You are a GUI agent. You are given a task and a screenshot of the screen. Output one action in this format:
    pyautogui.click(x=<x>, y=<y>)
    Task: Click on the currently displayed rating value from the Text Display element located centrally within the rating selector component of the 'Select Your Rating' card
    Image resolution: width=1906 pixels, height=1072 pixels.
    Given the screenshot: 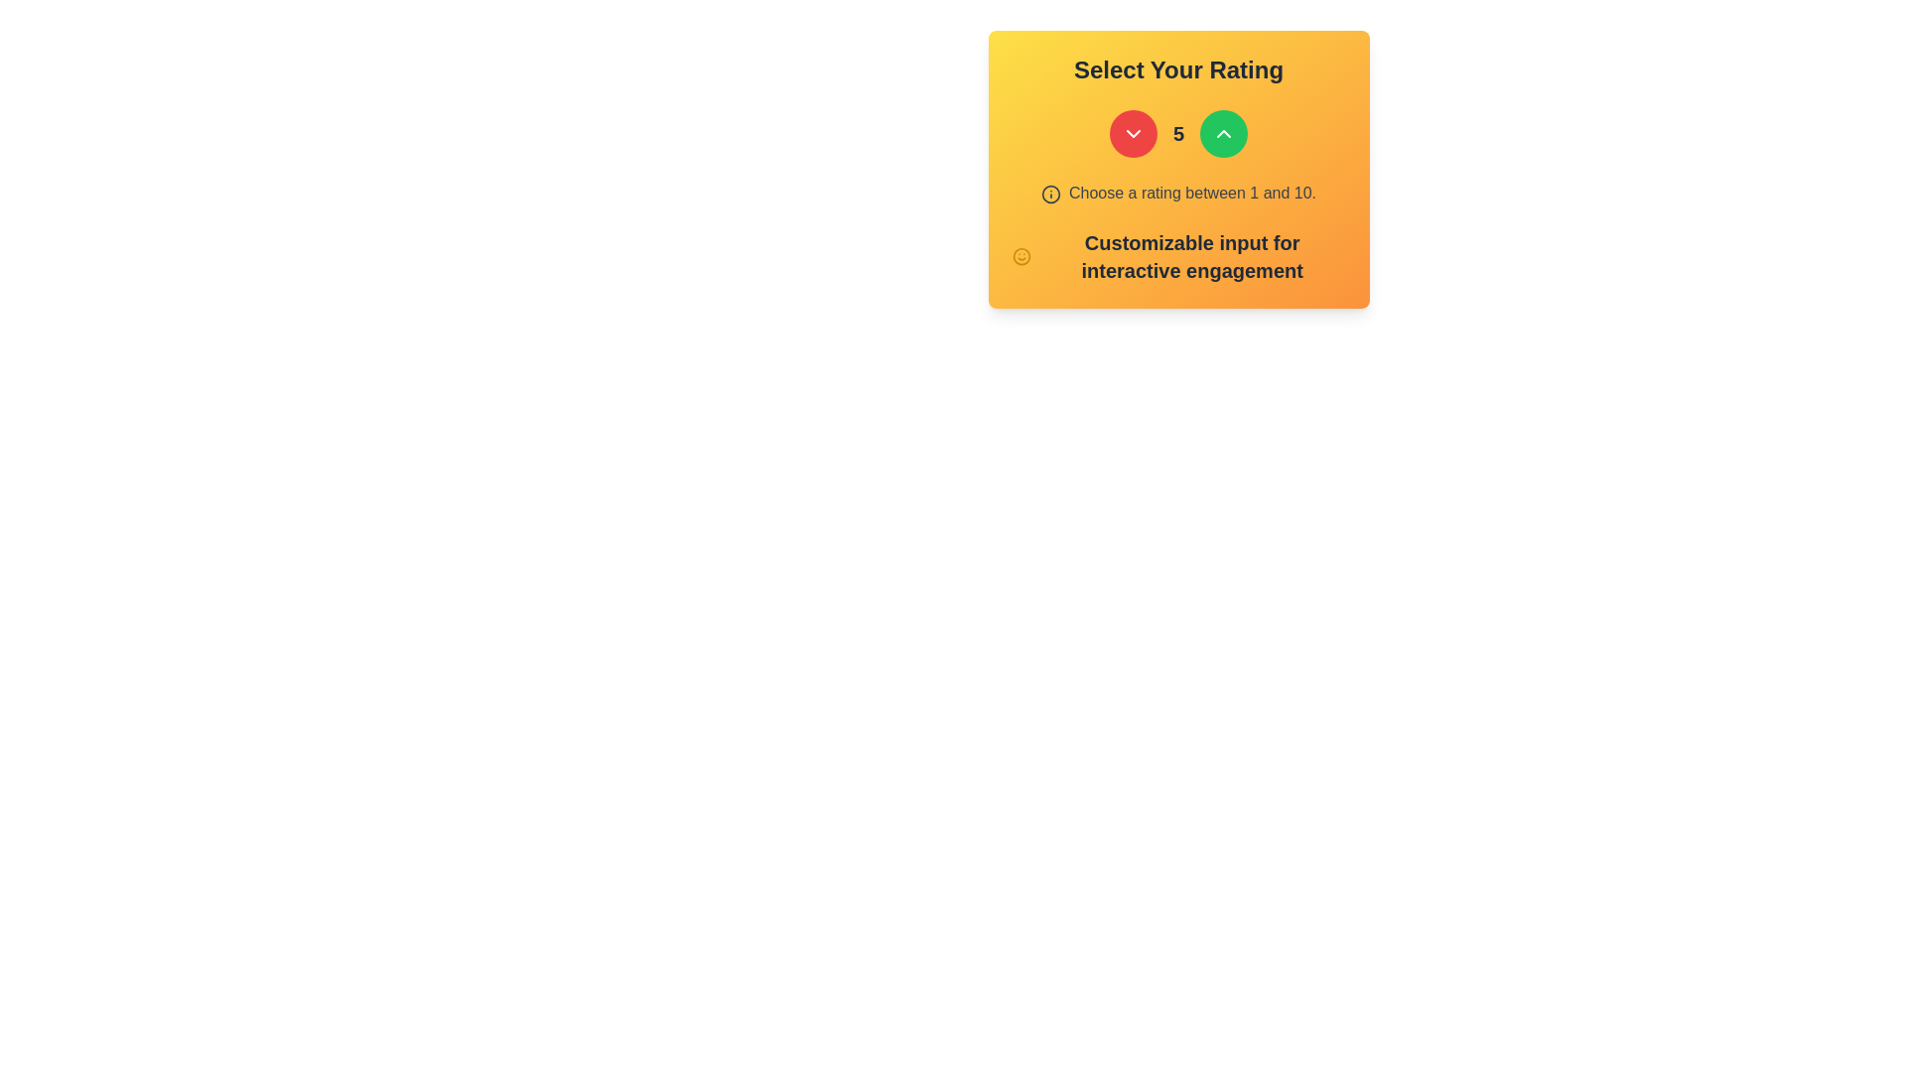 What is the action you would take?
    pyautogui.click(x=1178, y=134)
    